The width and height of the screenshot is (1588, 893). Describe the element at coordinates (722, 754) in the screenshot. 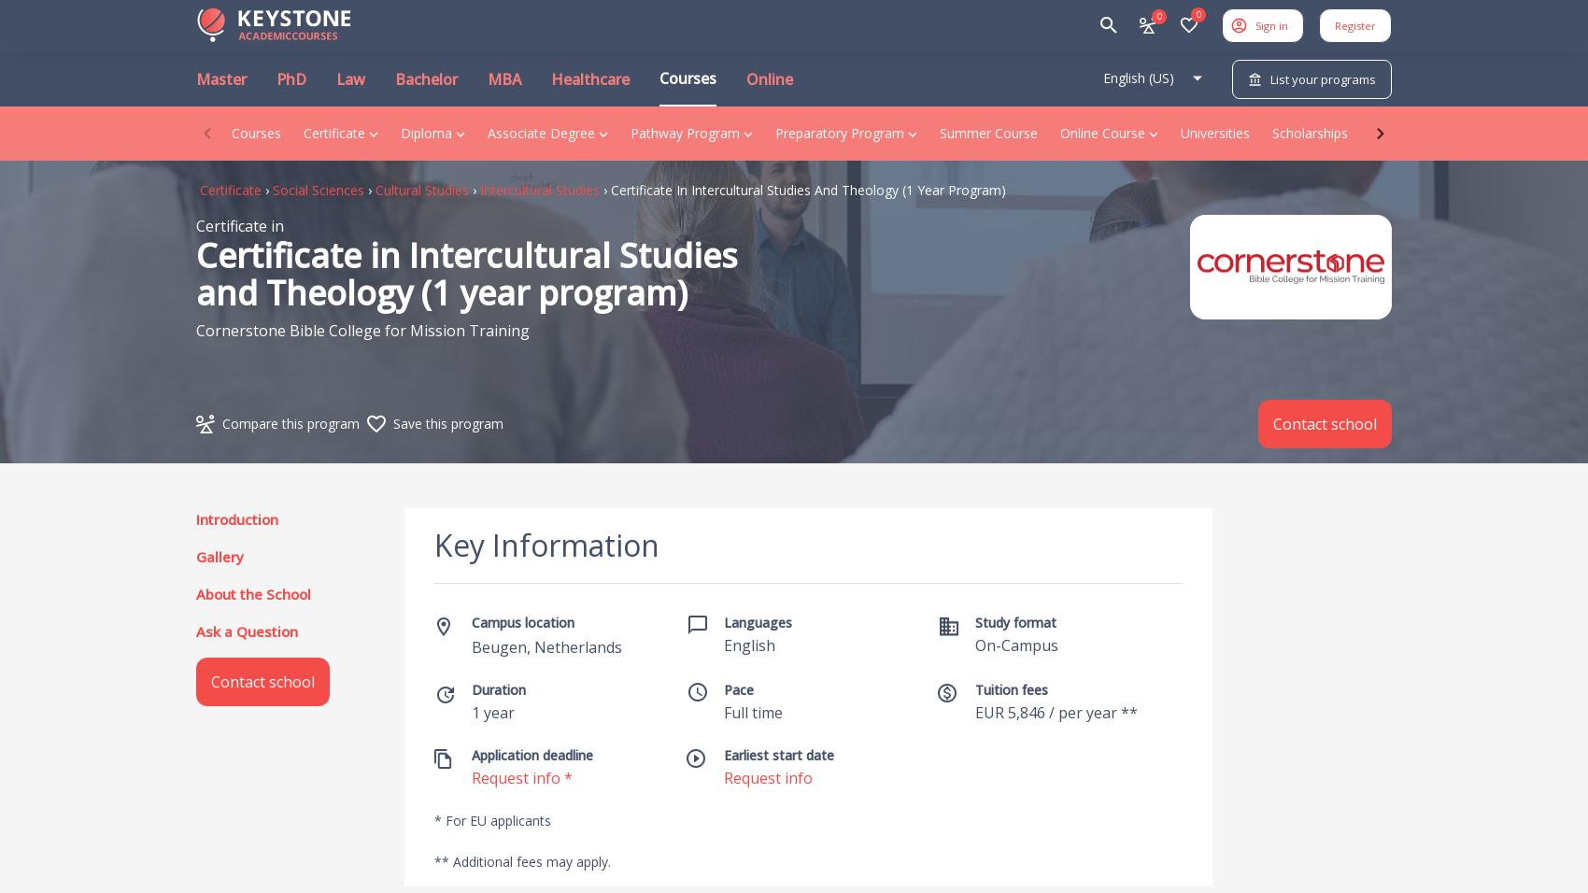

I see `'Earliest start date'` at that location.